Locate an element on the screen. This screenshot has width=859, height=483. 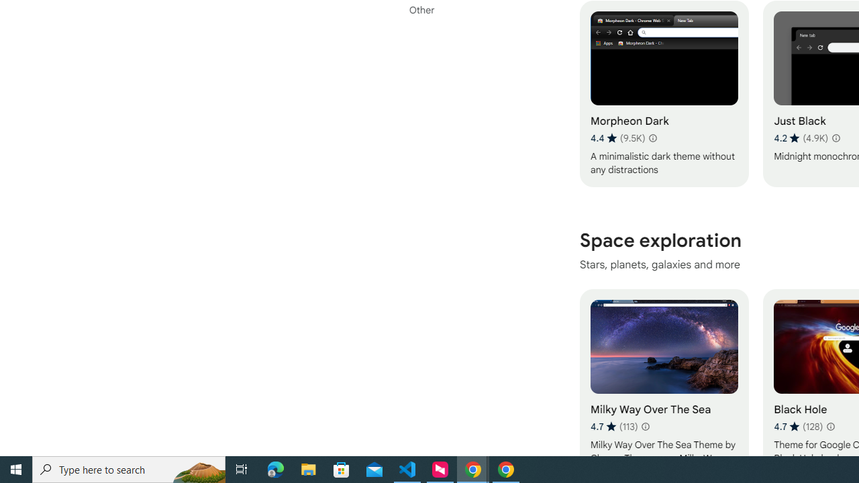
'Learn more about results and reviews "Morpheon Dark"' is located at coordinates (652, 138).